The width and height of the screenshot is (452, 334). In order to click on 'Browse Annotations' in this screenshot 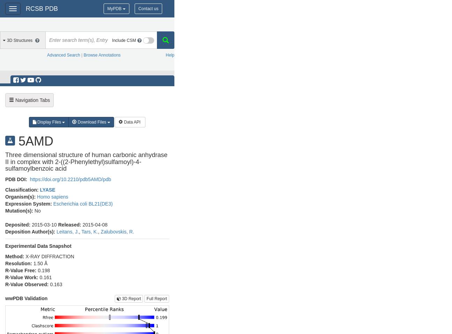, I will do `click(101, 55)`.